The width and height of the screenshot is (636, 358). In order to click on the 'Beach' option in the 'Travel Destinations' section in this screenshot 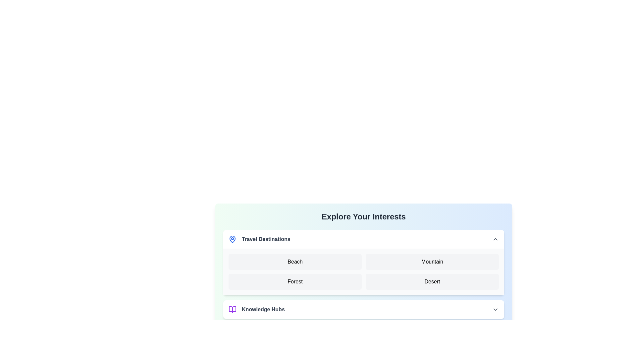, I will do `click(295, 262)`.